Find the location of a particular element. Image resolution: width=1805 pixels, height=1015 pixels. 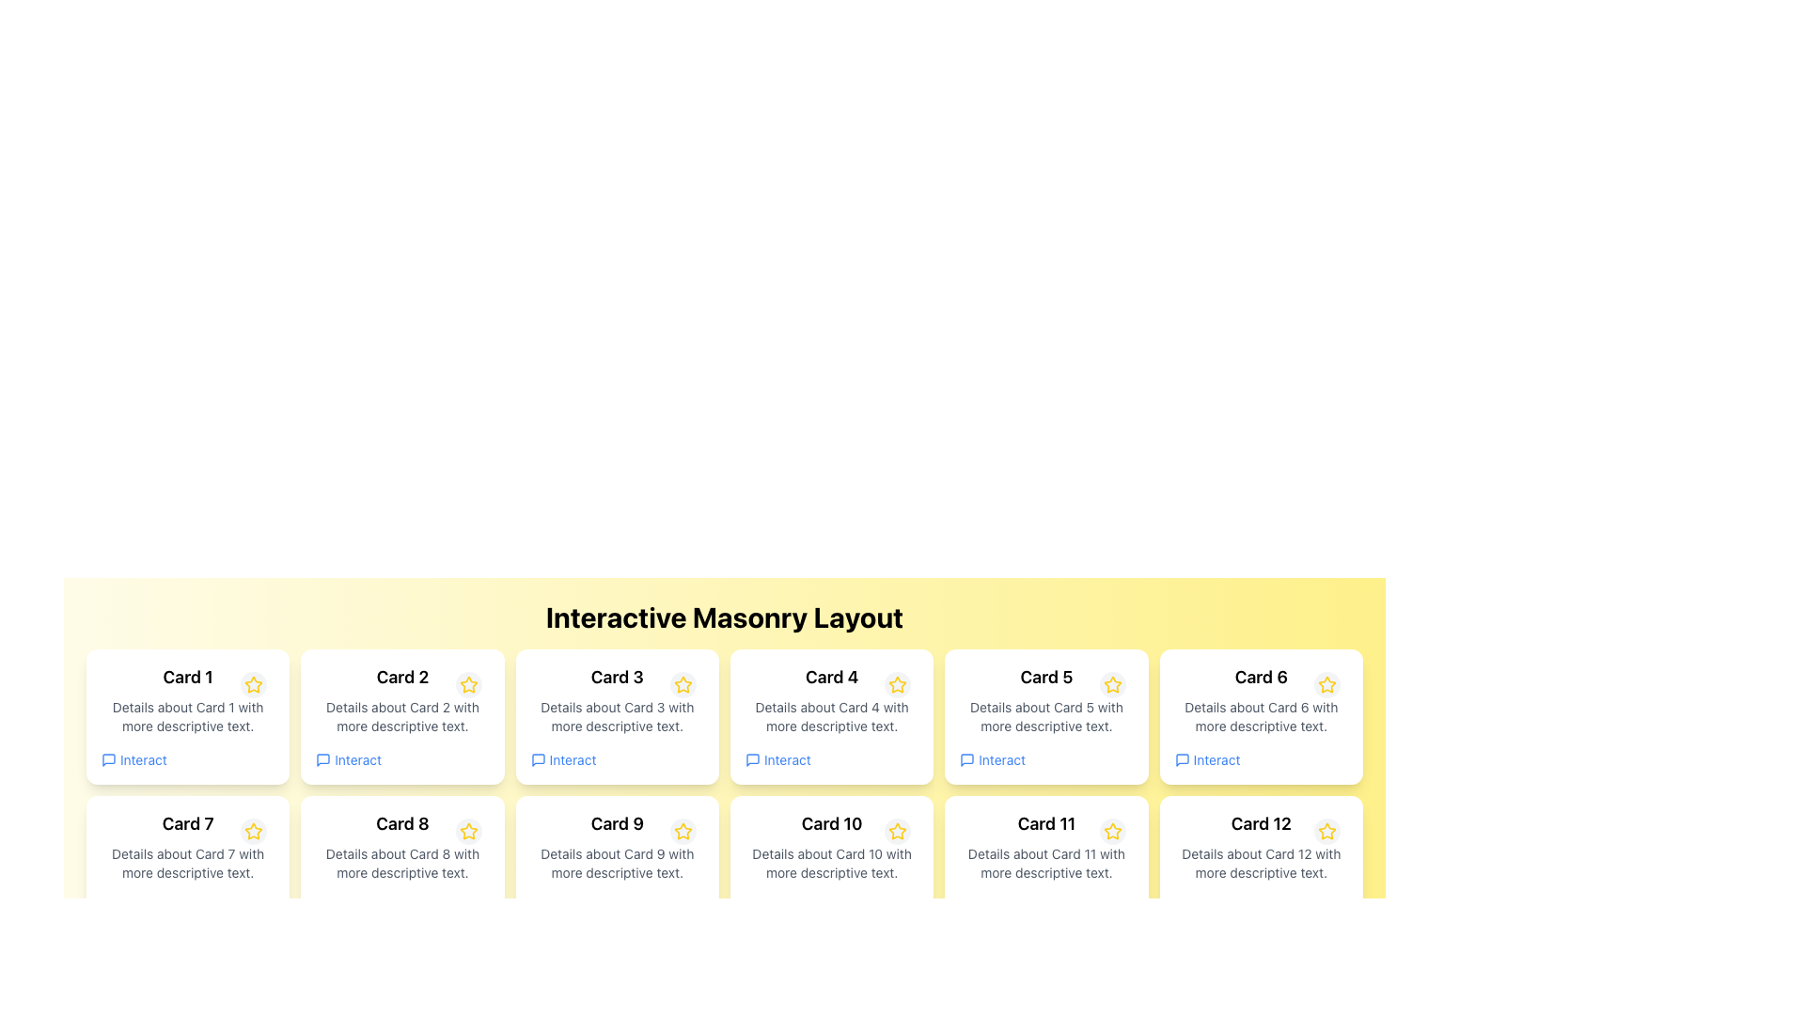

the text label that serves as the heading for 'Card 4', which is positioned at the top of the card and near the interactive link titled 'Interact' is located at coordinates (831, 678).